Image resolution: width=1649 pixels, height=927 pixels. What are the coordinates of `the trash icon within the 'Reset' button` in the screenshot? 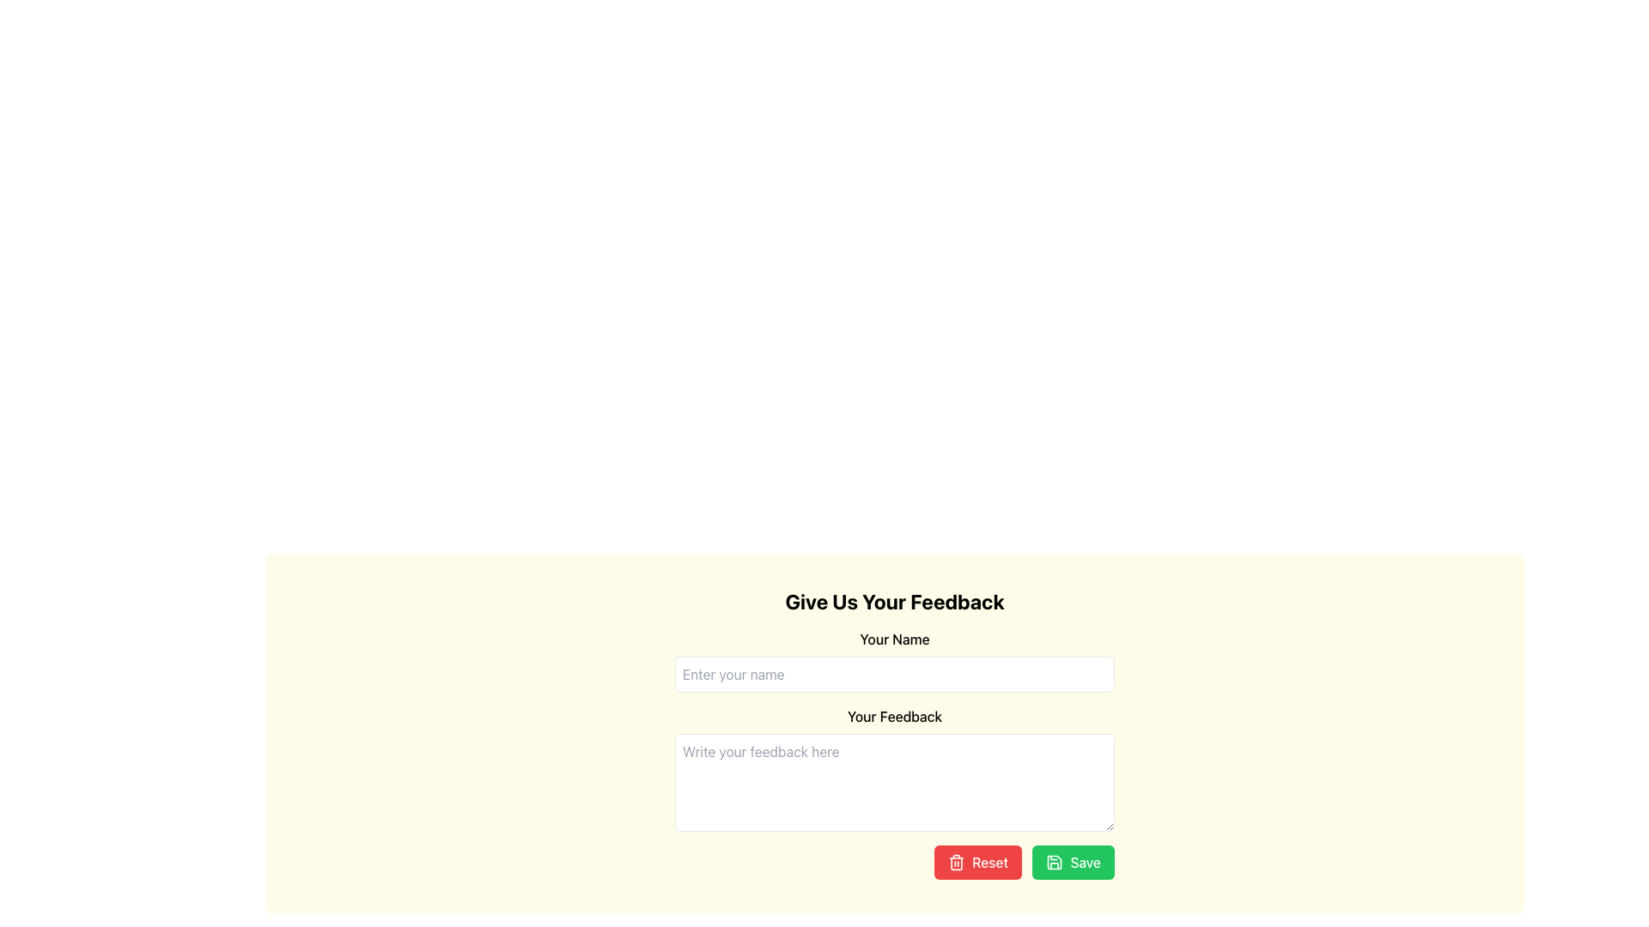 It's located at (956, 863).